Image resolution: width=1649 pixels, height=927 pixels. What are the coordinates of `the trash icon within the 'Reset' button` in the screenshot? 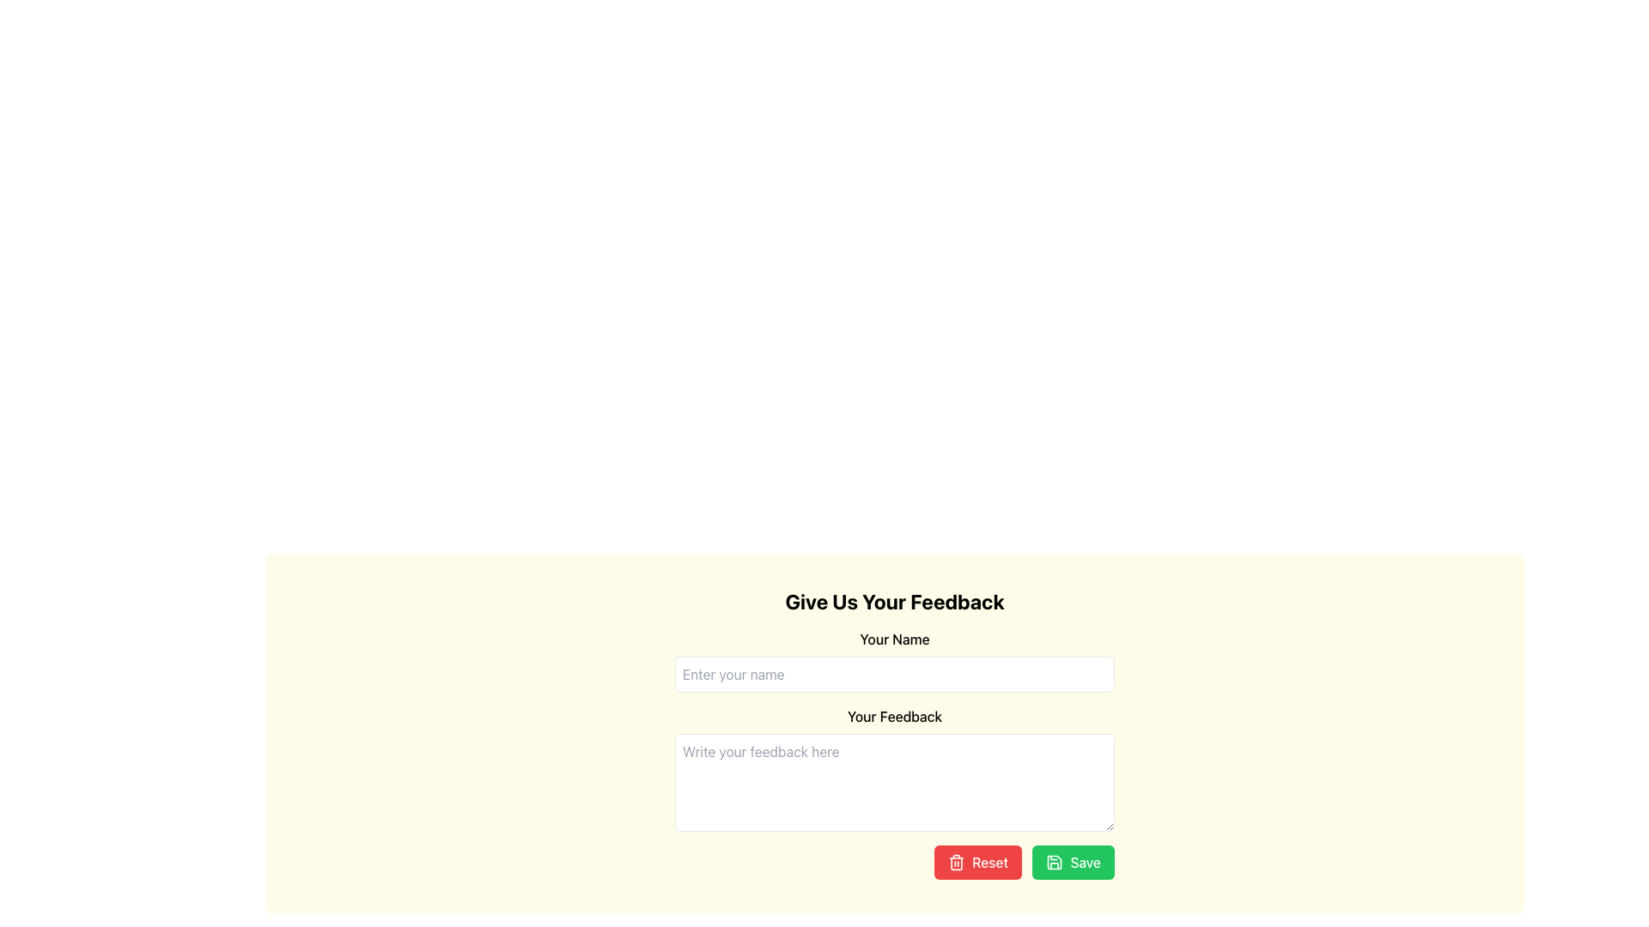 It's located at (956, 863).